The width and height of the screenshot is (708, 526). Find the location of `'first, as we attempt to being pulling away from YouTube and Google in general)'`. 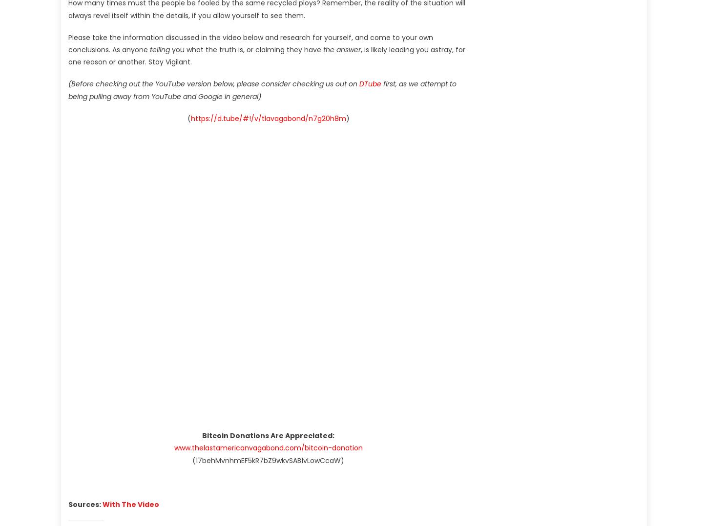

'first, as we attempt to being pulling away from YouTube and Google in general)' is located at coordinates (262, 89).